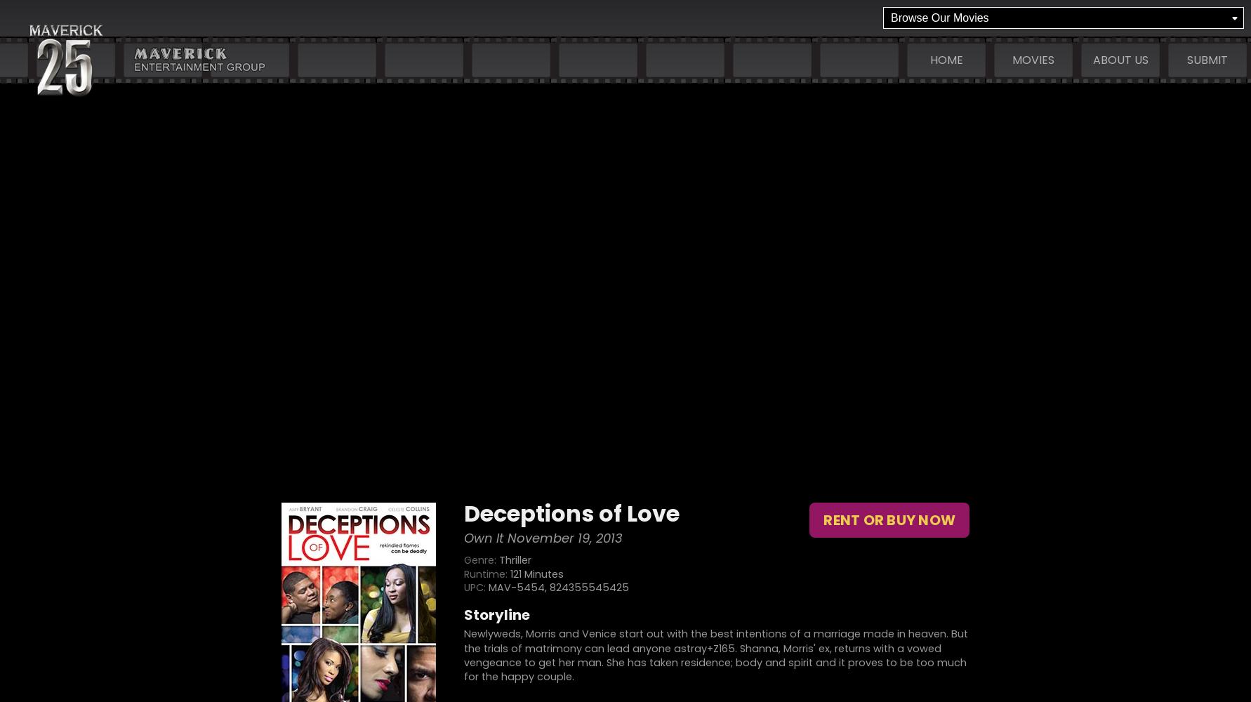 The image size is (1251, 702). Describe the element at coordinates (484, 573) in the screenshot. I see `'Runtime:'` at that location.